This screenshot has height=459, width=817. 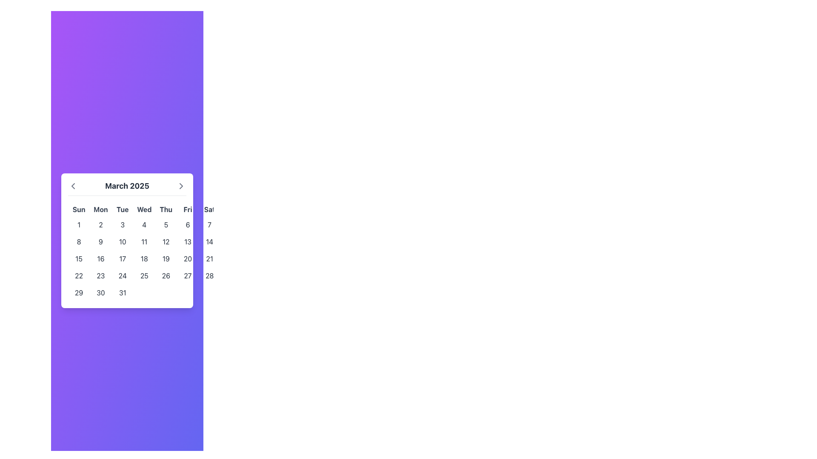 What do you see at coordinates (126, 187) in the screenshot?
I see `the text label displaying 'March 2025', which is styled in bold gray font at the top of the calendar interface` at bounding box center [126, 187].